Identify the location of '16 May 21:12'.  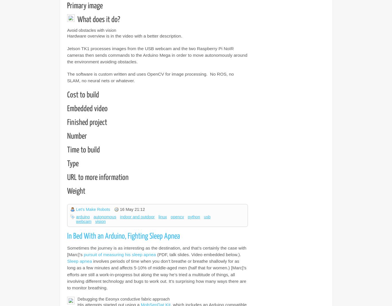
(119, 209).